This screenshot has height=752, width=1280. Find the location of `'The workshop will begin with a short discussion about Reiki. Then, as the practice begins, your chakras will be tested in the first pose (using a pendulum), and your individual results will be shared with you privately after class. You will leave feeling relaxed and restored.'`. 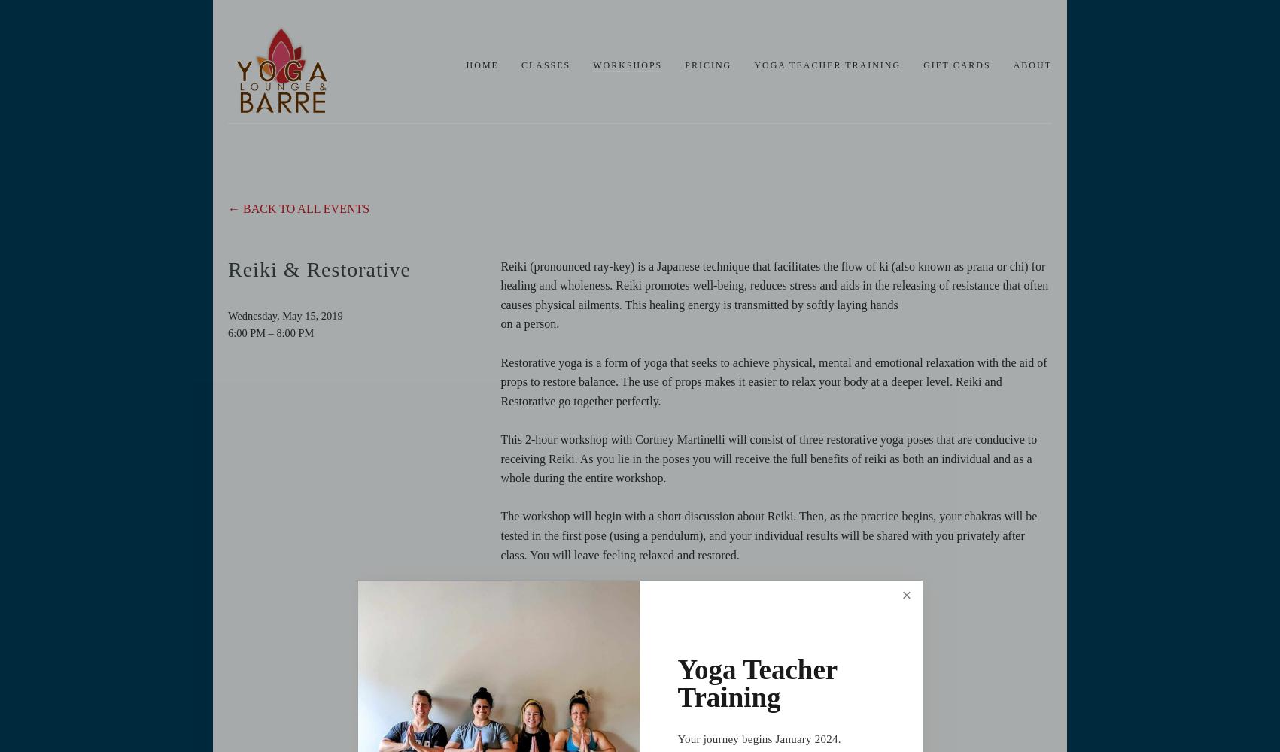

'The workshop will begin with a short discussion about Reiki. Then, as the practice begins, your chakras will be tested in the first pose (using a pendulum), and your individual results will be shared with you privately after class. You will leave feeling relaxed and restored.' is located at coordinates (499, 535).